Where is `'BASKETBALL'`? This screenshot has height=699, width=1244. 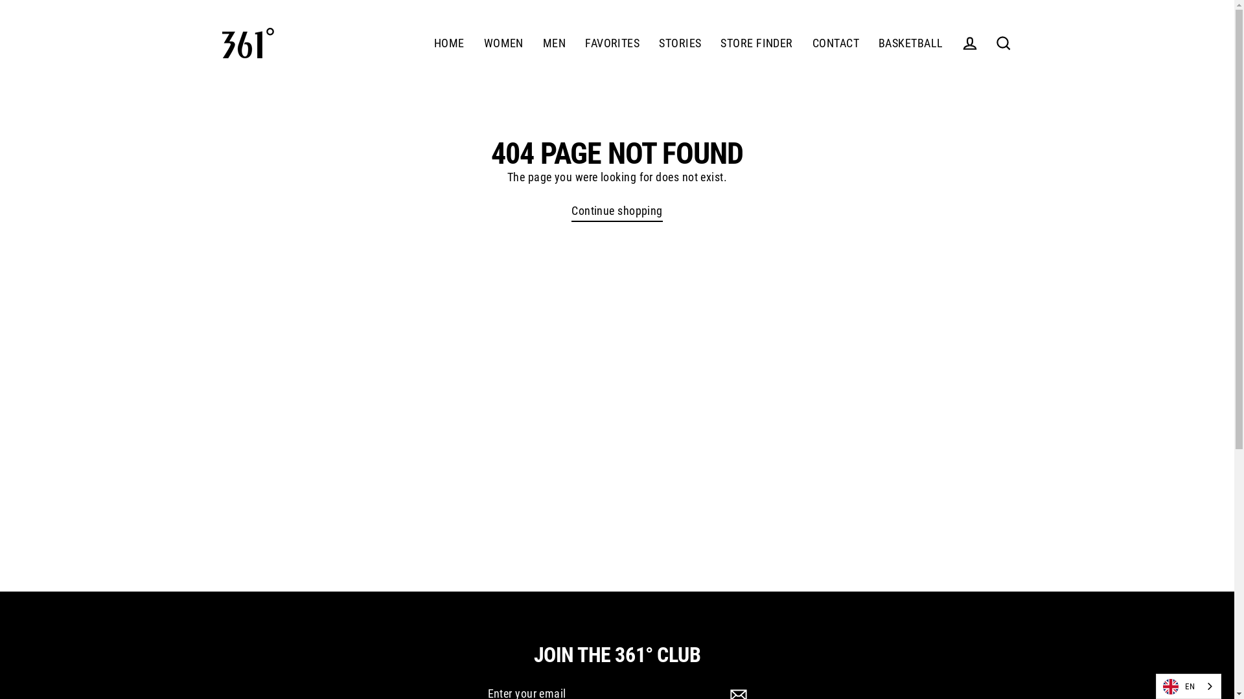
'BASKETBALL' is located at coordinates (910, 42).